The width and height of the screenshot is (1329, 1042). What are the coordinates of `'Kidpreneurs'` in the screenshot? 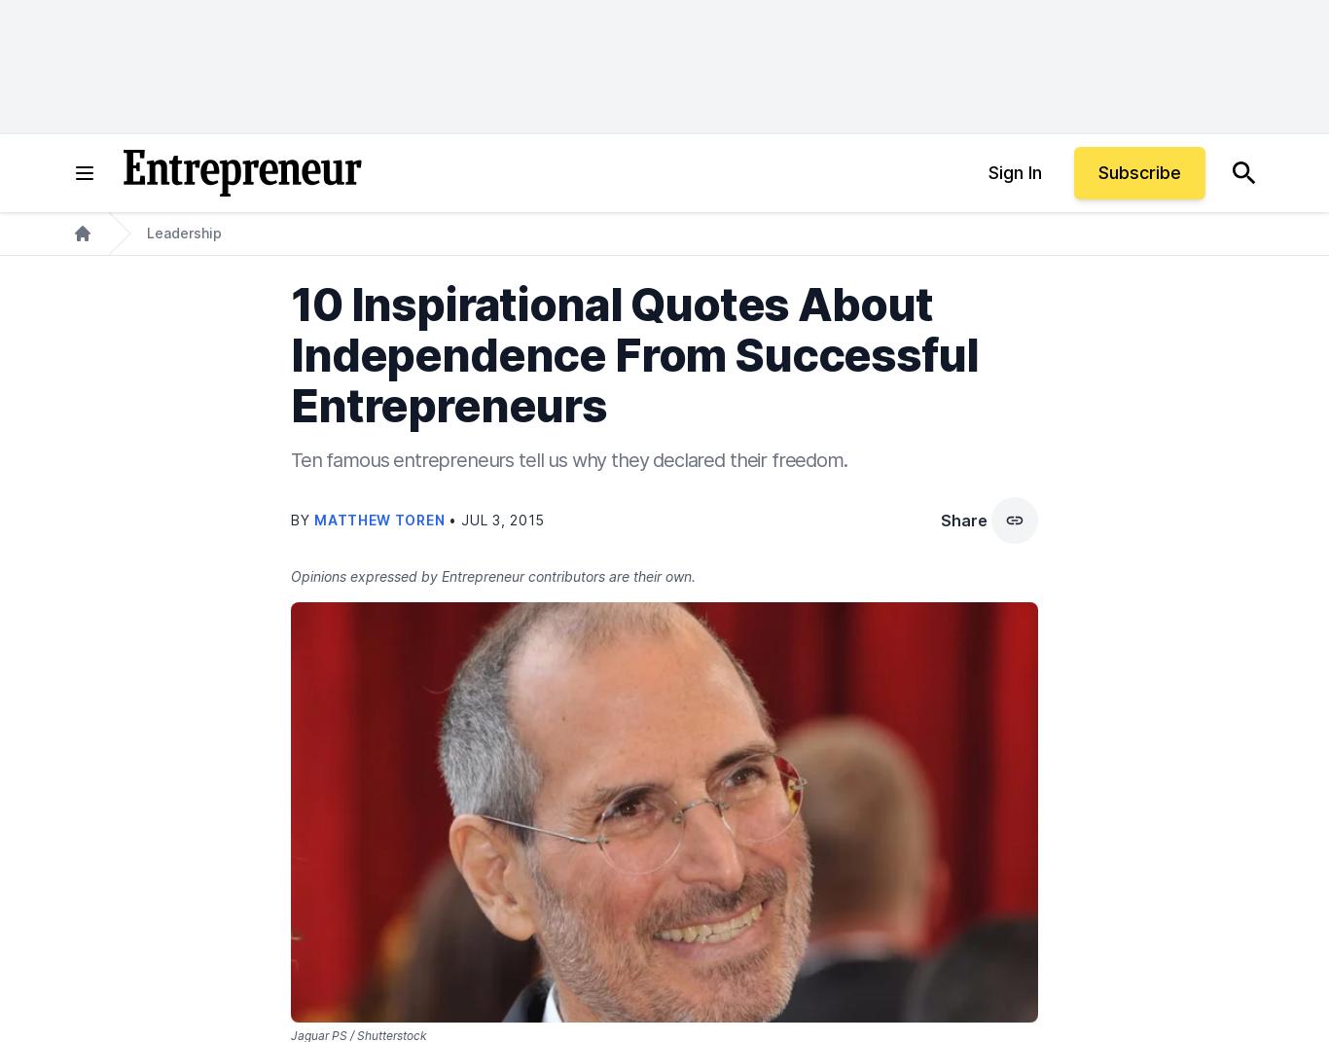 It's located at (896, 132).